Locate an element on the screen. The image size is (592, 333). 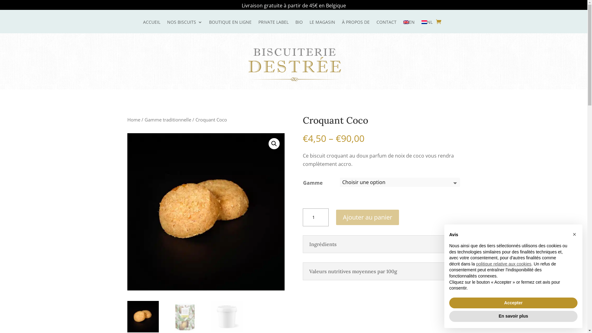
'biscuit-noix-de-coco' is located at coordinates (206, 211).